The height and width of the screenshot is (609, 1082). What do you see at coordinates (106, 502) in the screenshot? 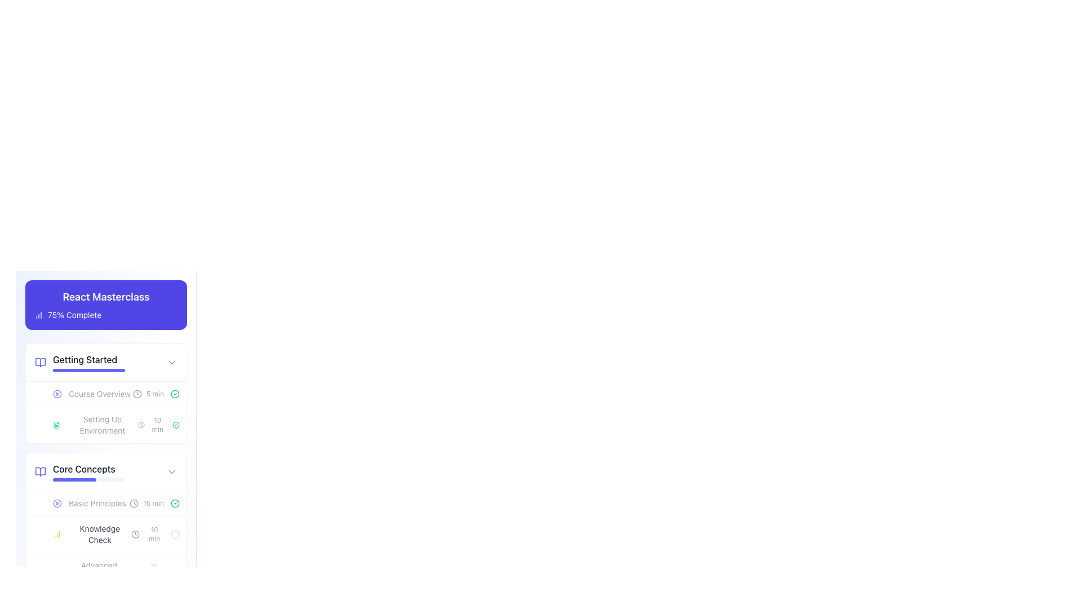
I see `the interactive list item labeled 'Basic Principles'` at bounding box center [106, 502].